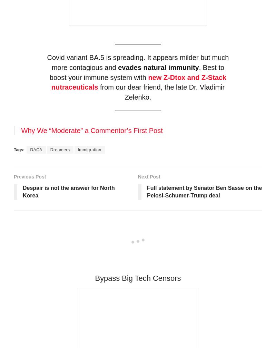 The height and width of the screenshot is (348, 276). Describe the element at coordinates (22, 191) in the screenshot. I see `'Despair is not the answer for North Korea'` at that location.